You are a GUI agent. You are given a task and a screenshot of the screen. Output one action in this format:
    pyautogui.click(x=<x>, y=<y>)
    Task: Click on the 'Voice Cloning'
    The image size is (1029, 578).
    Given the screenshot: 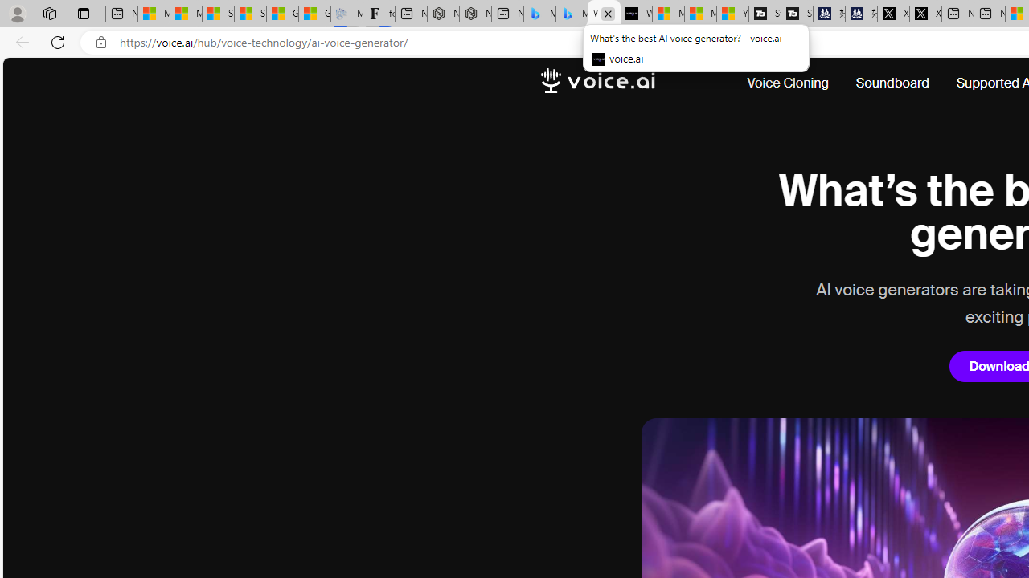 What is the action you would take?
    pyautogui.click(x=788, y=83)
    